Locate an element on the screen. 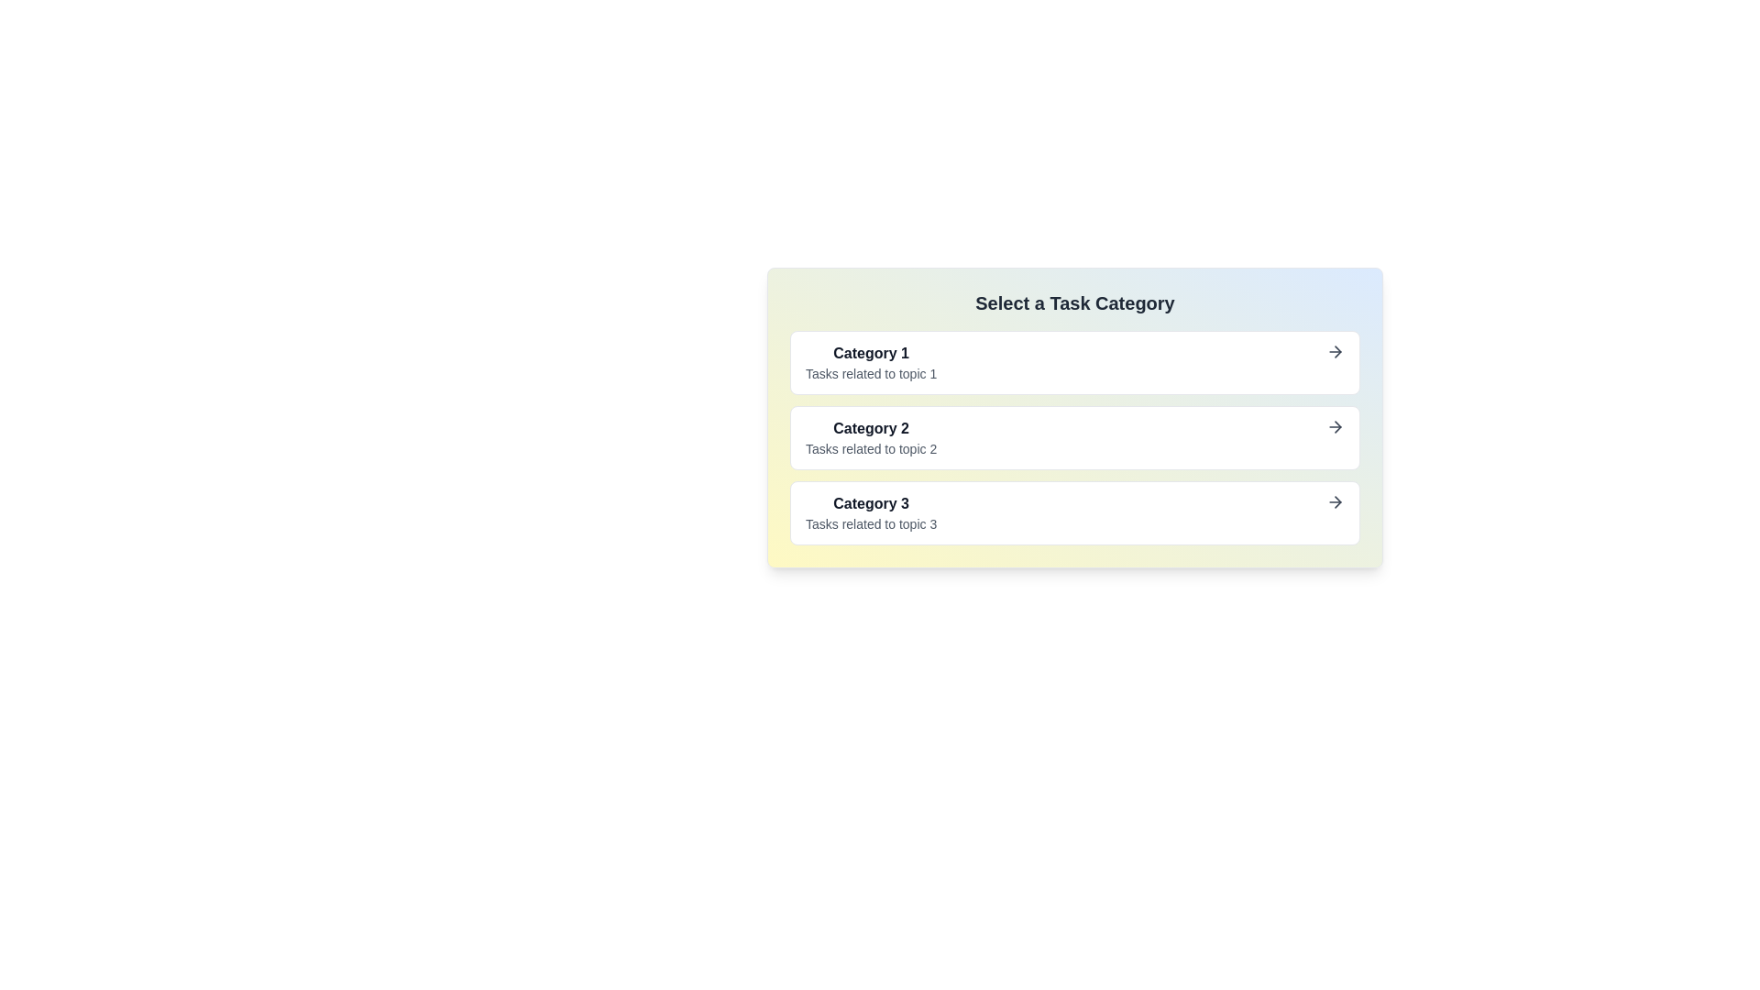 The height and width of the screenshot is (990, 1760). the arrow icon button located in the 'Category 2' option to change its color is located at coordinates (1336, 427).